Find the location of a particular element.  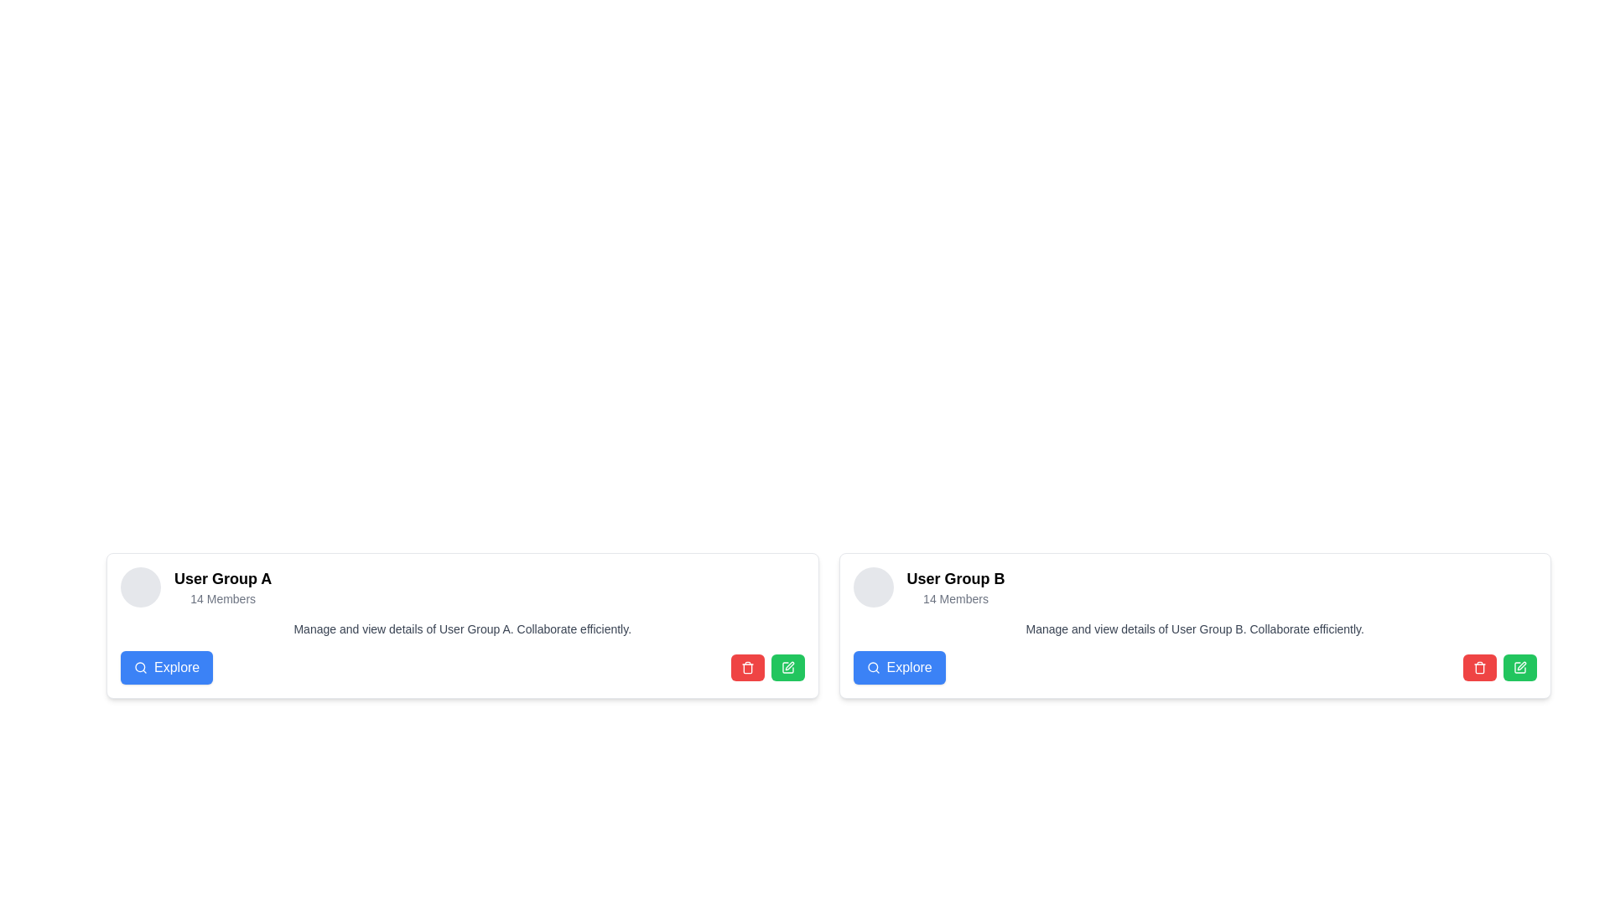

the edit icon located within the green button in the bottom-right corner of the card for 'User Group B' is located at coordinates (788, 665).